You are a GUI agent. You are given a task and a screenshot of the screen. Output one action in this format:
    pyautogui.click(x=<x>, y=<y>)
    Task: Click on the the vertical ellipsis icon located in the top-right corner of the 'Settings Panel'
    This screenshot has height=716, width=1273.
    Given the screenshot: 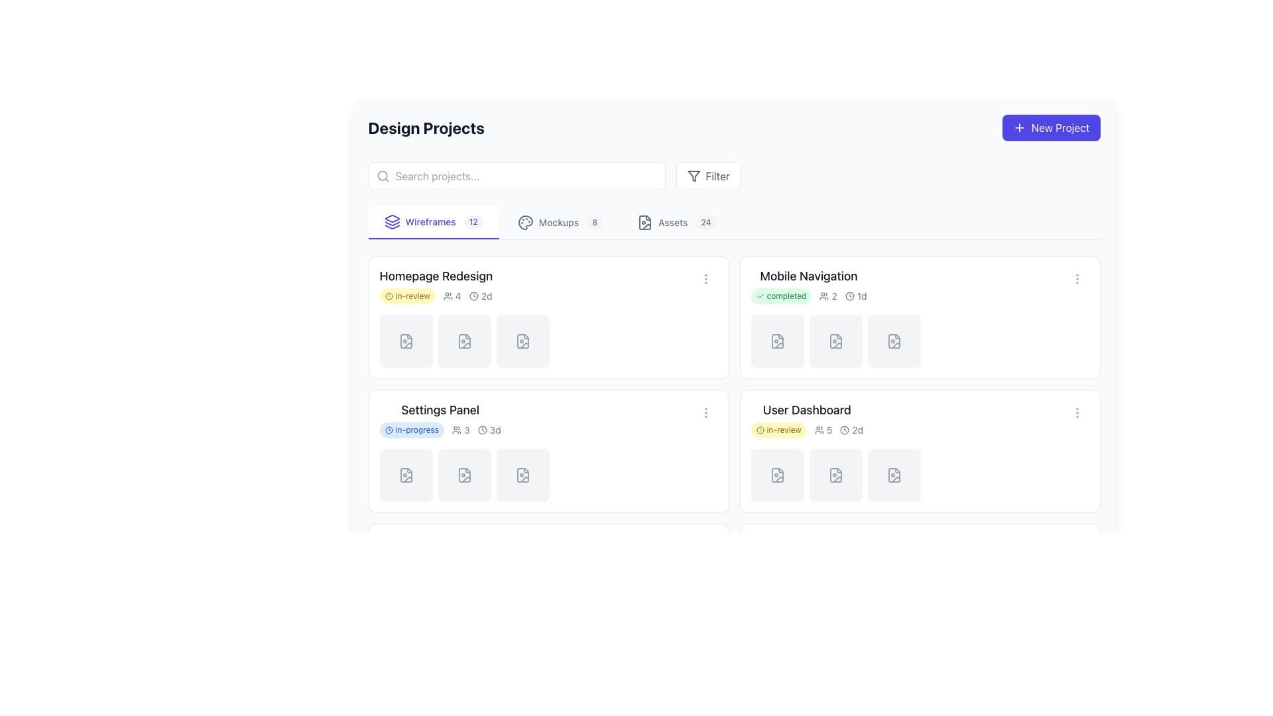 What is the action you would take?
    pyautogui.click(x=705, y=412)
    